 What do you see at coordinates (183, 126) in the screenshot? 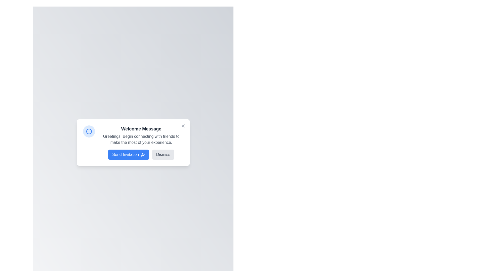
I see `the Close button located in the top-right corner of the modal dialog box, adjacent to the header text 'Welcome Message'` at bounding box center [183, 126].